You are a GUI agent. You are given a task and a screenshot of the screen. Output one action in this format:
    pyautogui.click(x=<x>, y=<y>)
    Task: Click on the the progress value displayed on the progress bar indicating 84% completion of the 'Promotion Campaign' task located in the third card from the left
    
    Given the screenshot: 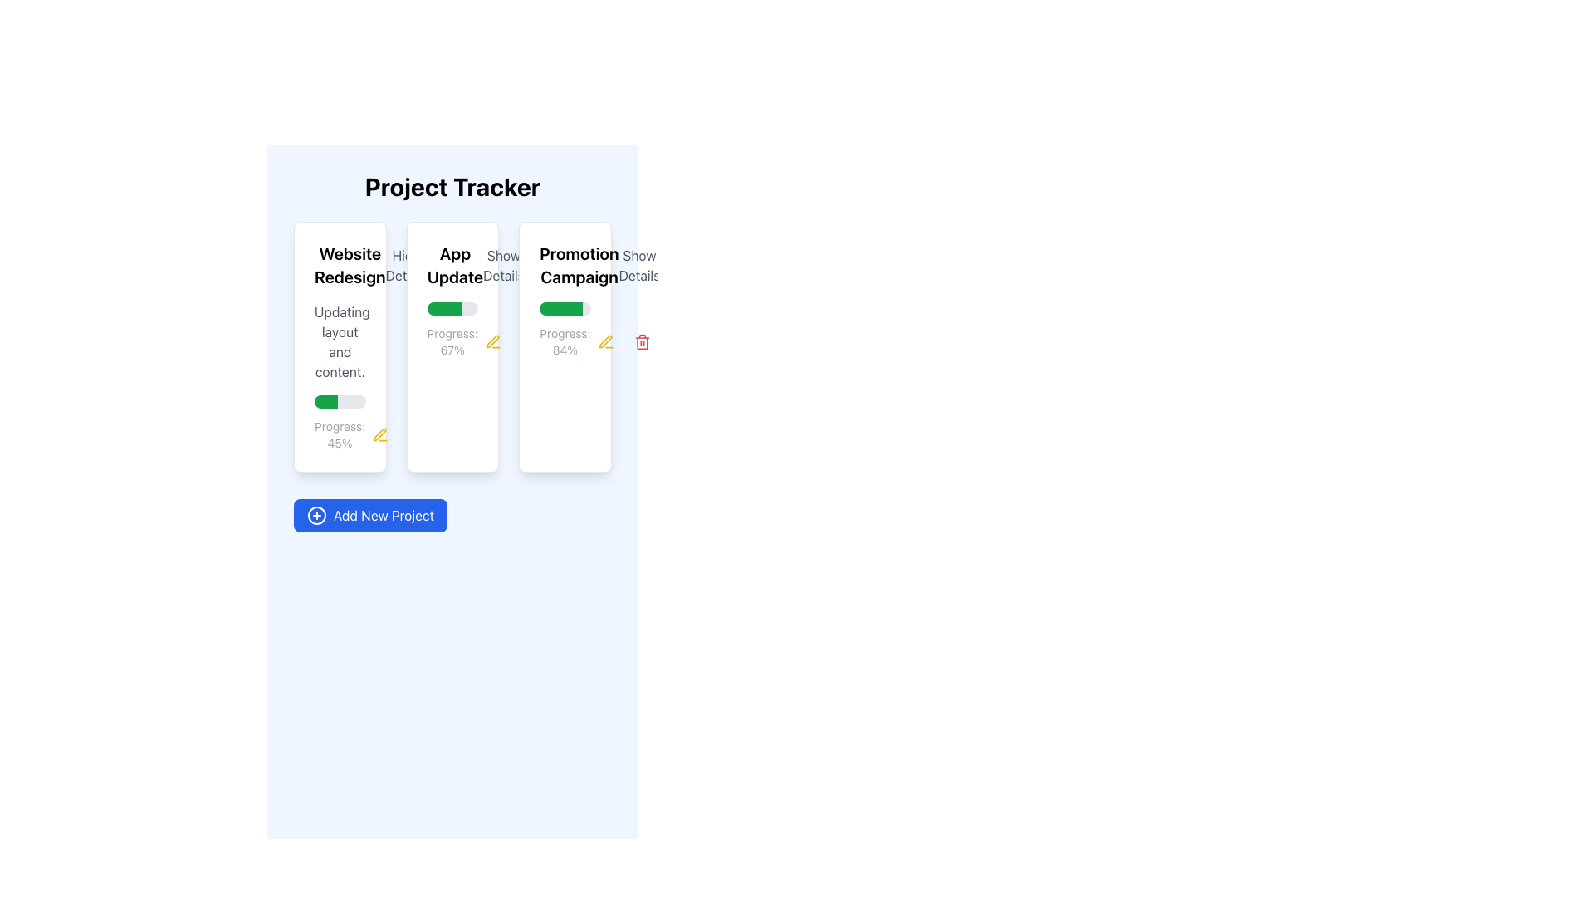 What is the action you would take?
    pyautogui.click(x=561, y=308)
    